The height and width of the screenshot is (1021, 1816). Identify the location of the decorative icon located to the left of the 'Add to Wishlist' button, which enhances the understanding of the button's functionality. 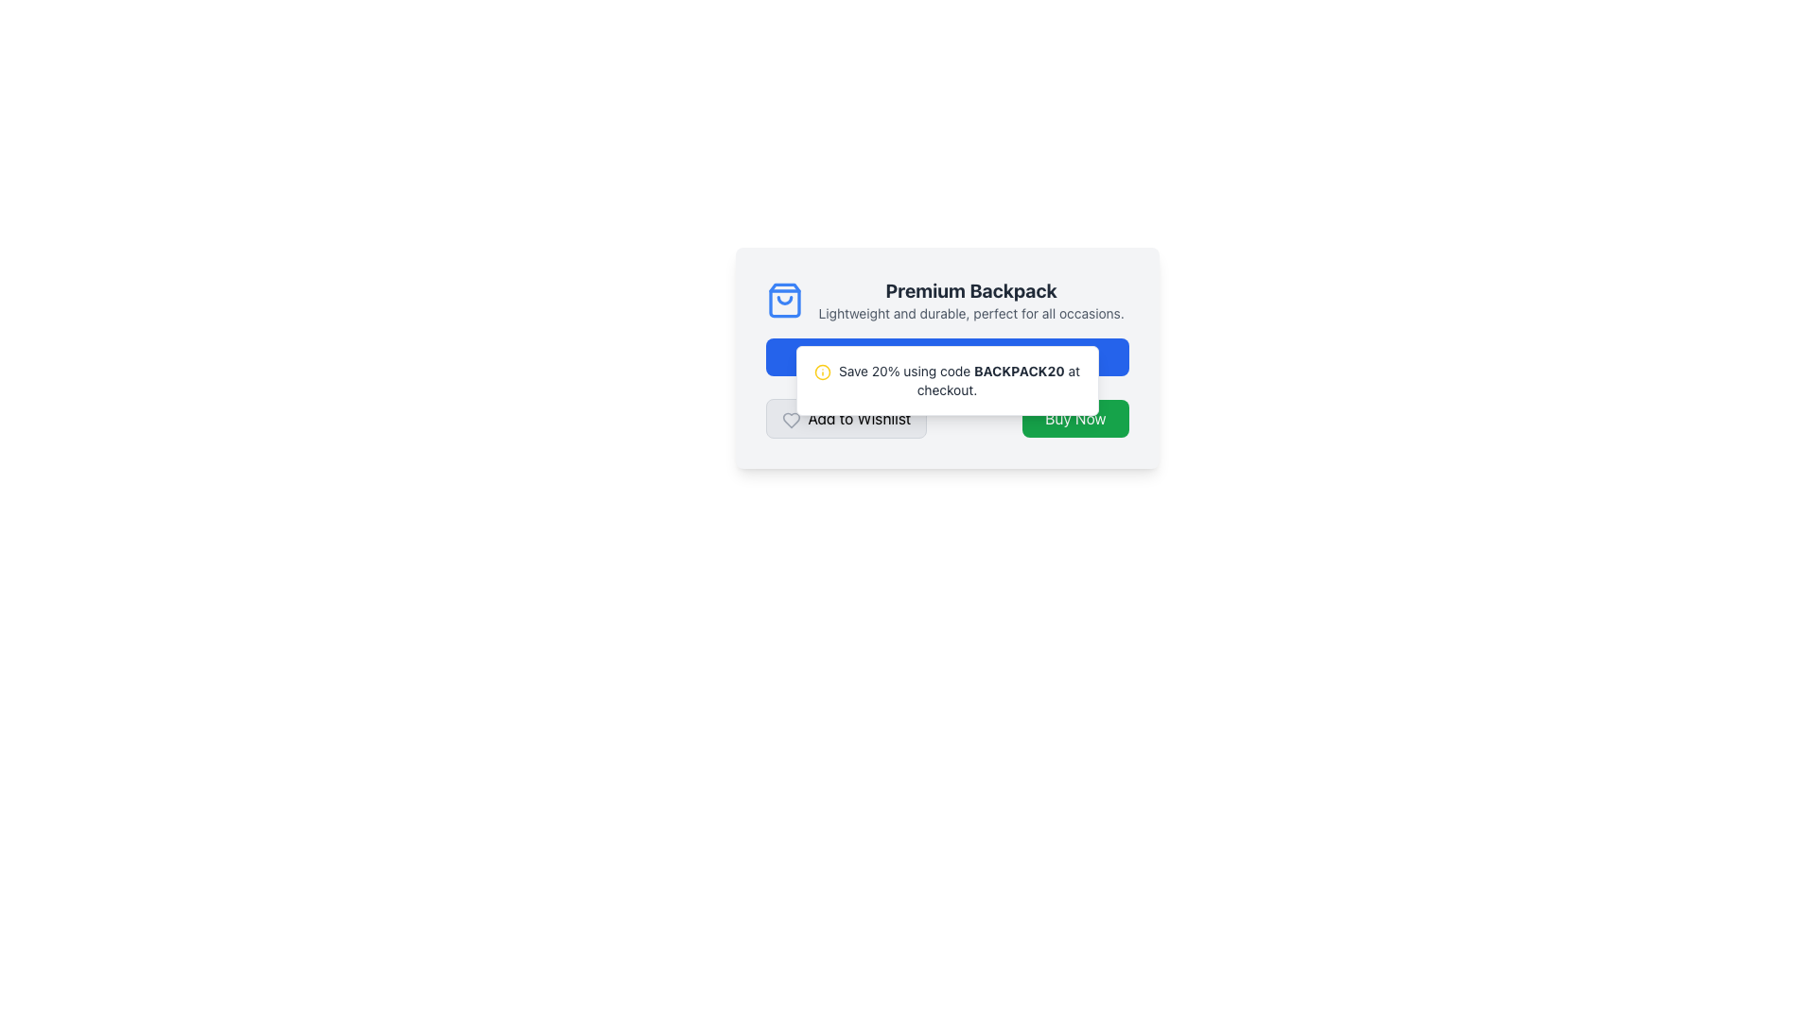
(791, 419).